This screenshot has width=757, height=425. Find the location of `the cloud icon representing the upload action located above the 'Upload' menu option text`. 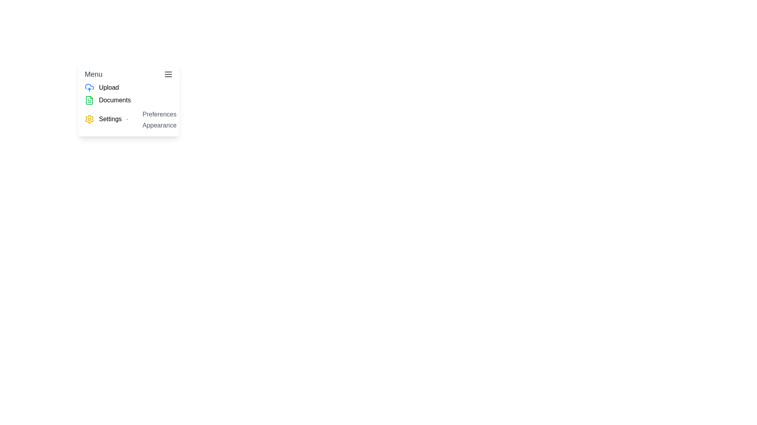

the cloud icon representing the upload action located above the 'Upload' menu option text is located at coordinates (89, 86).